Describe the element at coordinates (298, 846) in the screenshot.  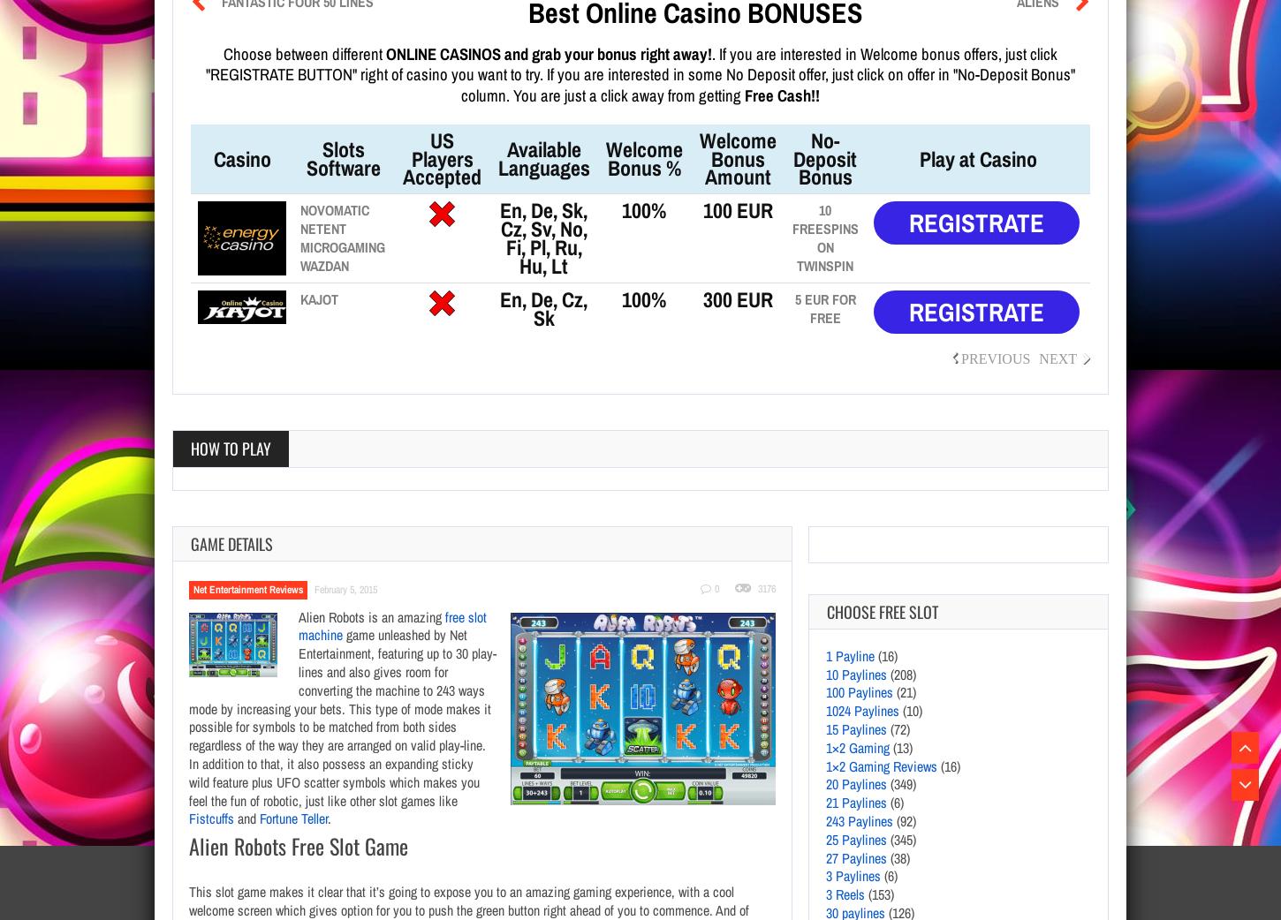
I see `'Alien Robots Free Slot Game'` at that location.